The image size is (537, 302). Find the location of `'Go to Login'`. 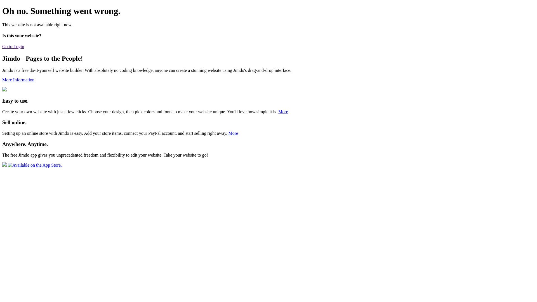

'Go to Login' is located at coordinates (2, 46).